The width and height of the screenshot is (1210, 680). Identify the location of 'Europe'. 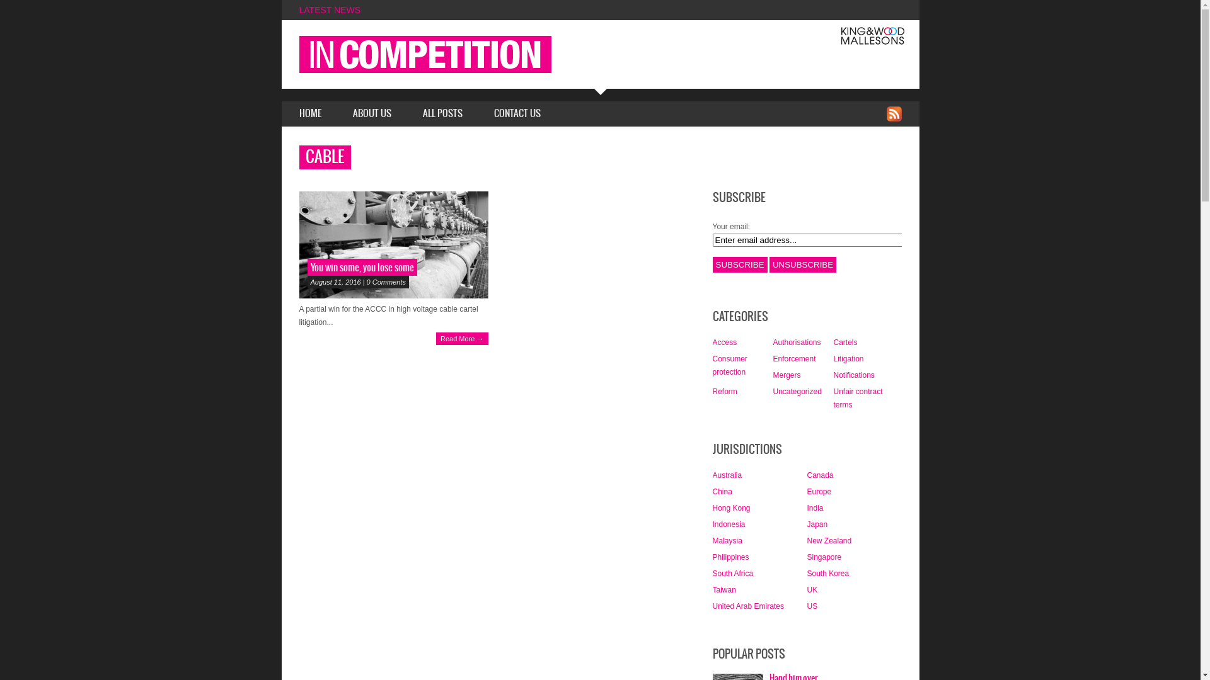
(807, 490).